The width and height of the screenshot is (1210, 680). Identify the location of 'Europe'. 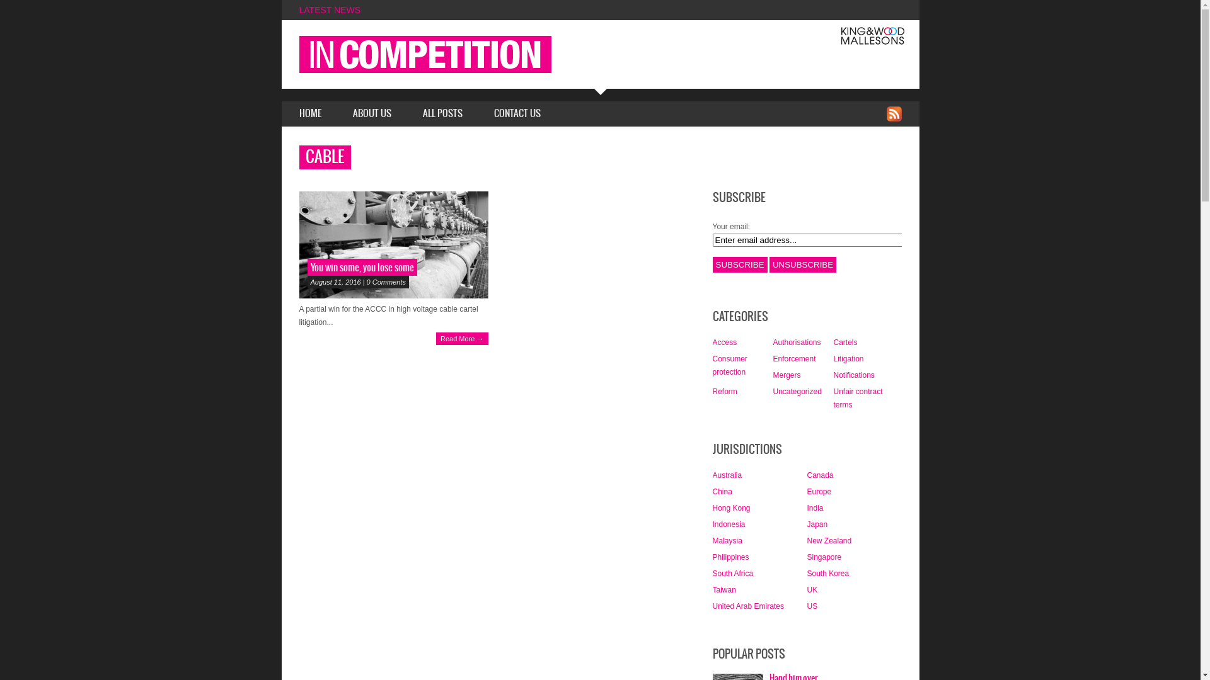
(807, 490).